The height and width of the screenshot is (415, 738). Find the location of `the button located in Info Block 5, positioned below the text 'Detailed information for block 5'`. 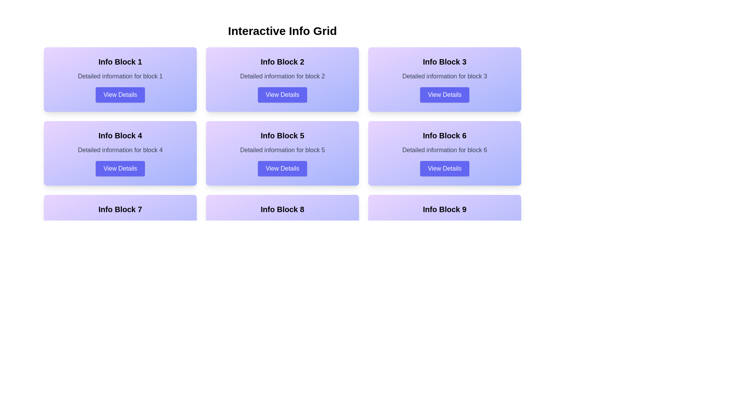

the button located in Info Block 5, positioned below the text 'Detailed information for block 5' is located at coordinates (282, 168).